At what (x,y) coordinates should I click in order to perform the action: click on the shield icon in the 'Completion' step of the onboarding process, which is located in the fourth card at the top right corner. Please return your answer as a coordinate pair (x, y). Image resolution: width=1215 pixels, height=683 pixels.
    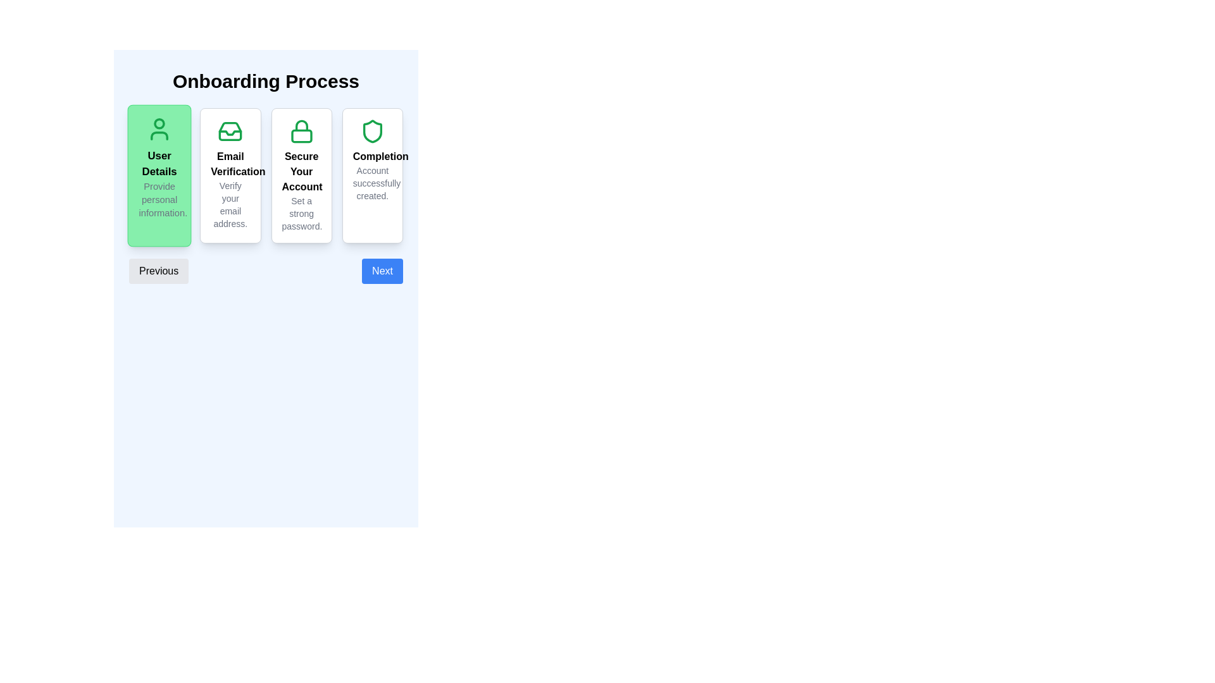
    Looking at the image, I should click on (371, 132).